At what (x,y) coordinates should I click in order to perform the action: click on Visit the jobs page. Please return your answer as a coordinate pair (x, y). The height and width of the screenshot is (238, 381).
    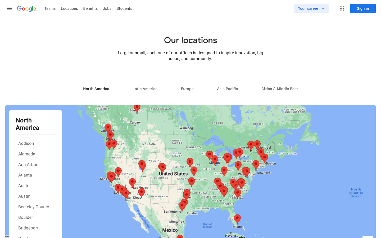
    Looking at the image, I should click on (319, 8).